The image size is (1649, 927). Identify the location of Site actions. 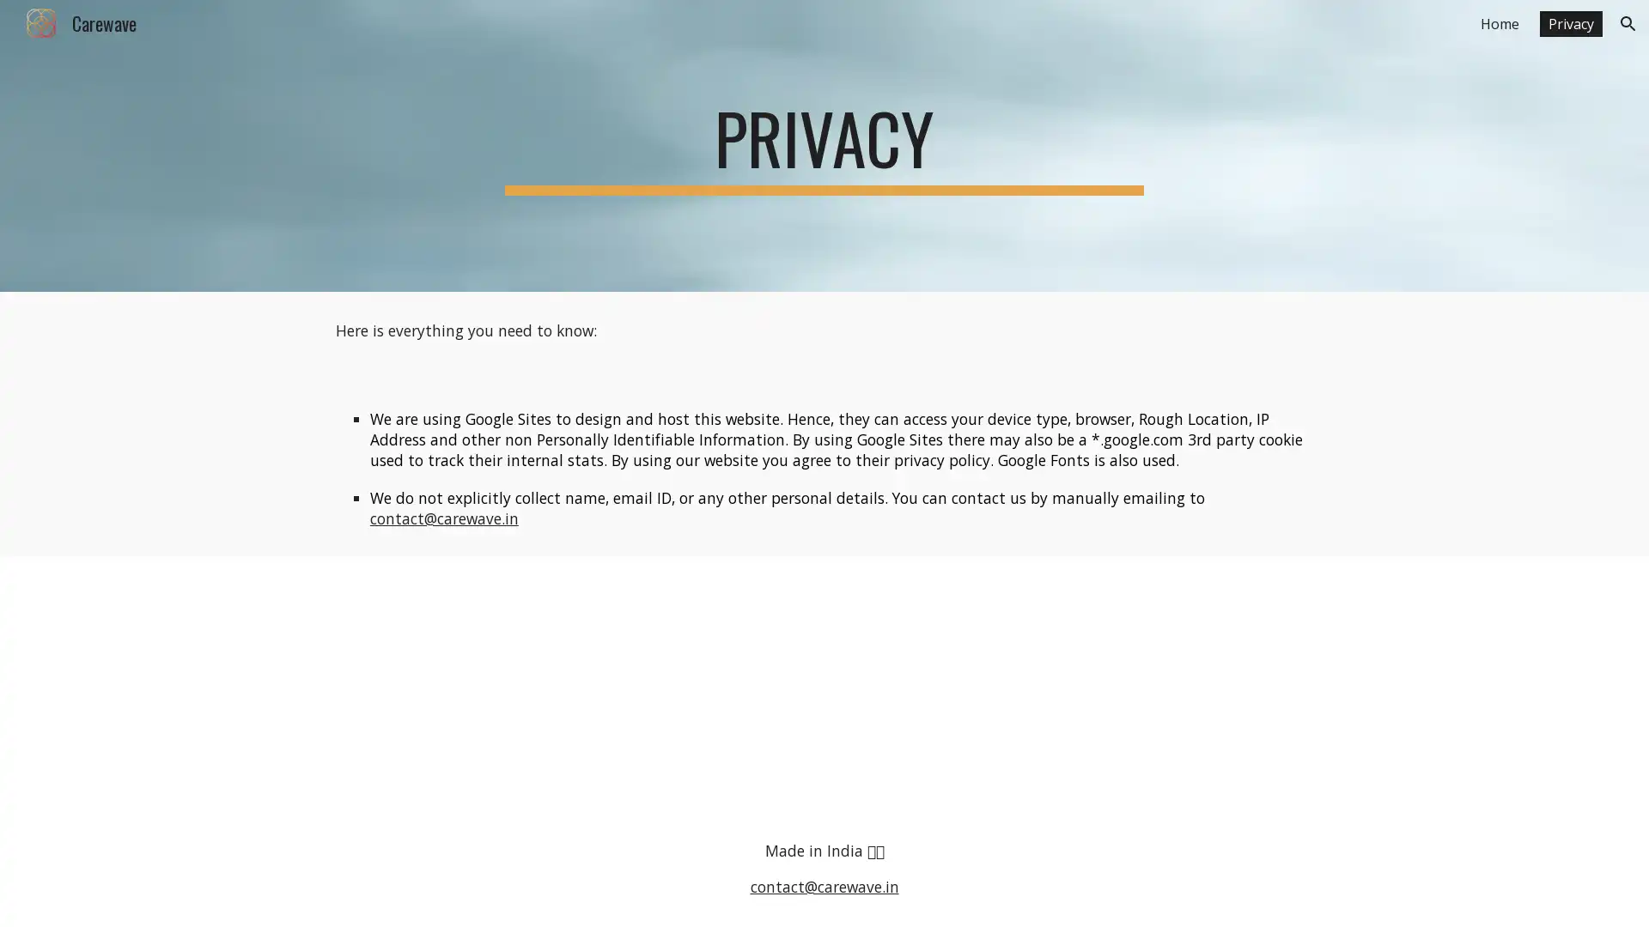
(30, 896).